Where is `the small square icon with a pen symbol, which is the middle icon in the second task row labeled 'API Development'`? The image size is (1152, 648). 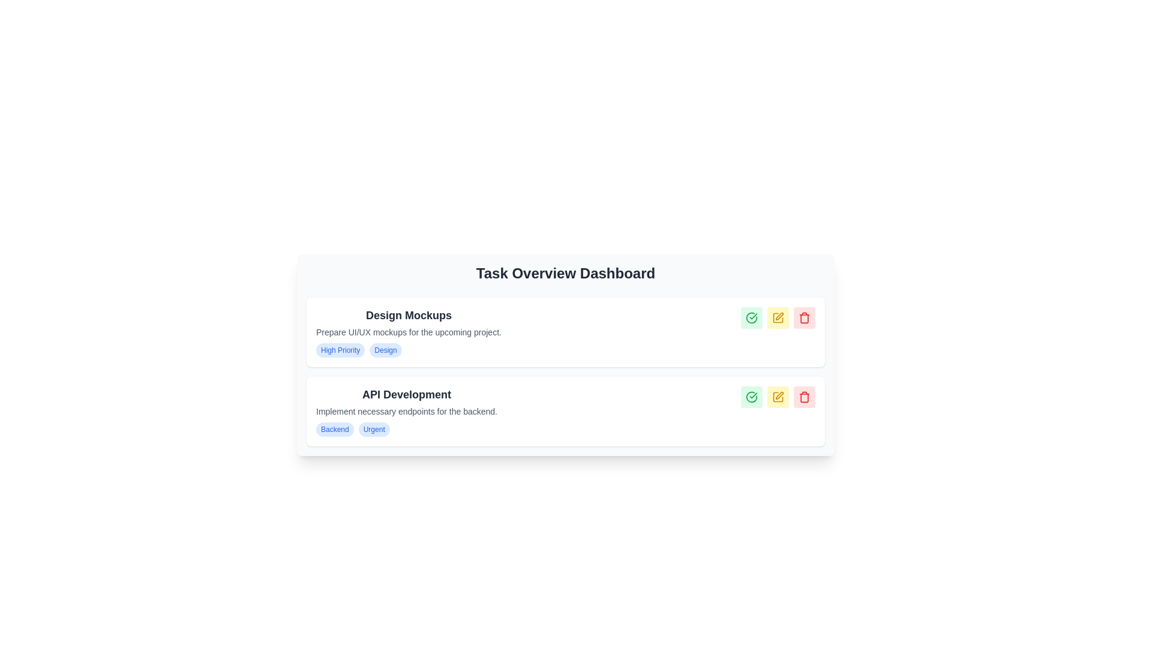 the small square icon with a pen symbol, which is the middle icon in the second task row labeled 'API Development' is located at coordinates (778, 397).